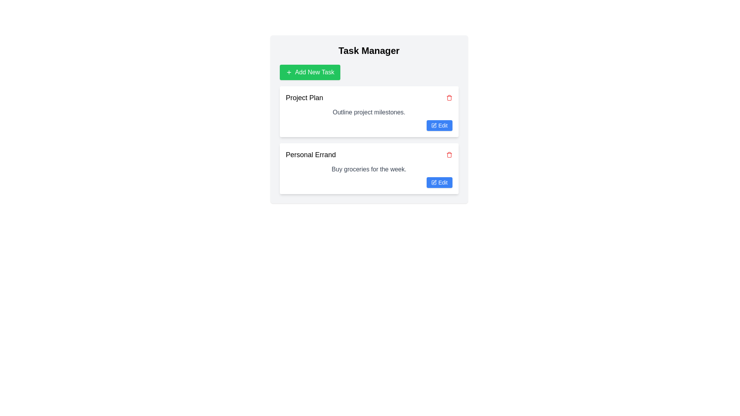  Describe the element at coordinates (311, 154) in the screenshot. I see `the task title label displayed in the task management interface` at that location.